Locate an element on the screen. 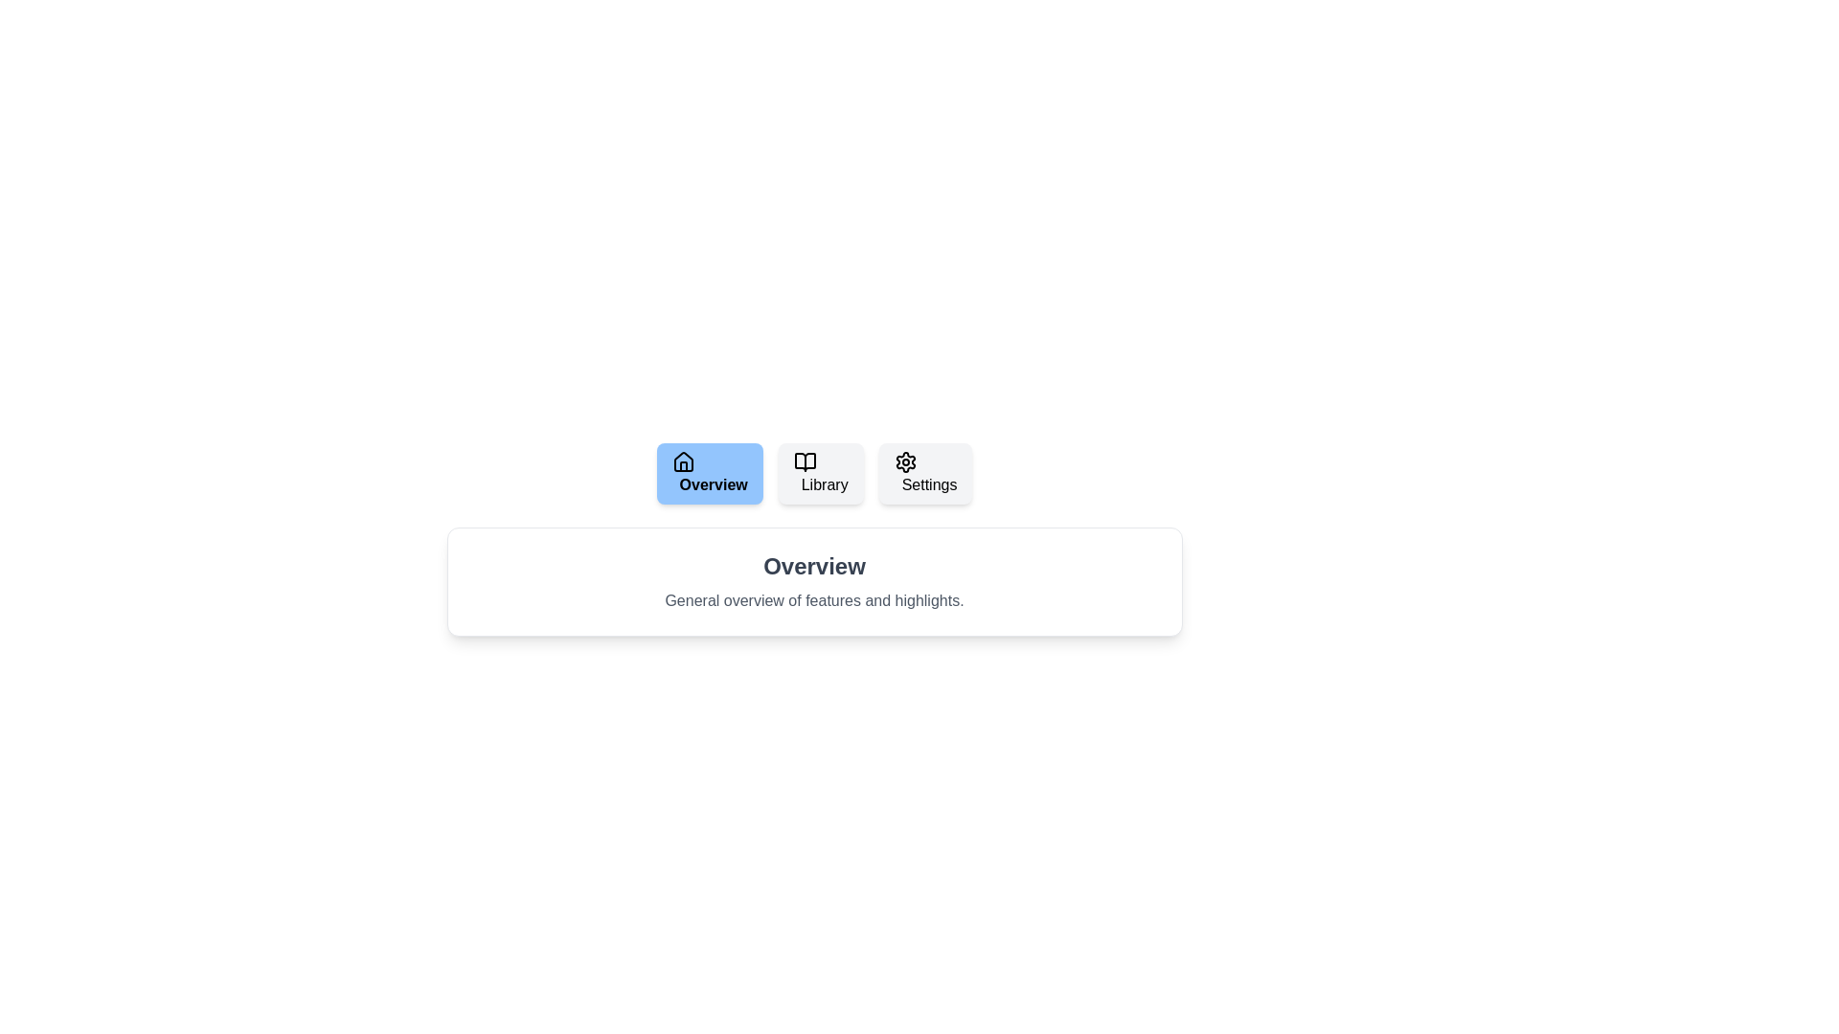 Image resolution: width=1839 pixels, height=1034 pixels. the tab labeled Settings to switch to that tab is located at coordinates (925, 473).